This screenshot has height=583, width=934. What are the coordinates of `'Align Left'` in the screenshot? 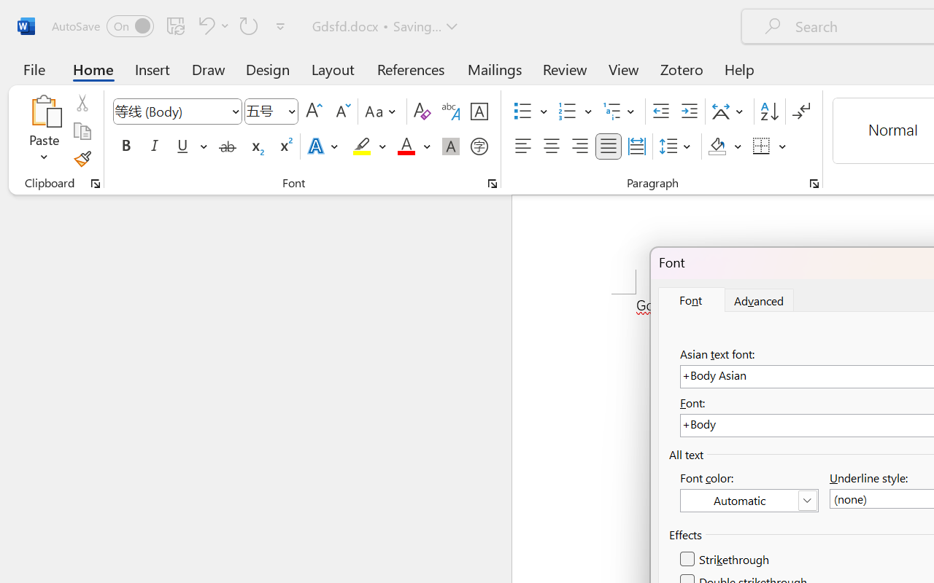 It's located at (522, 146).